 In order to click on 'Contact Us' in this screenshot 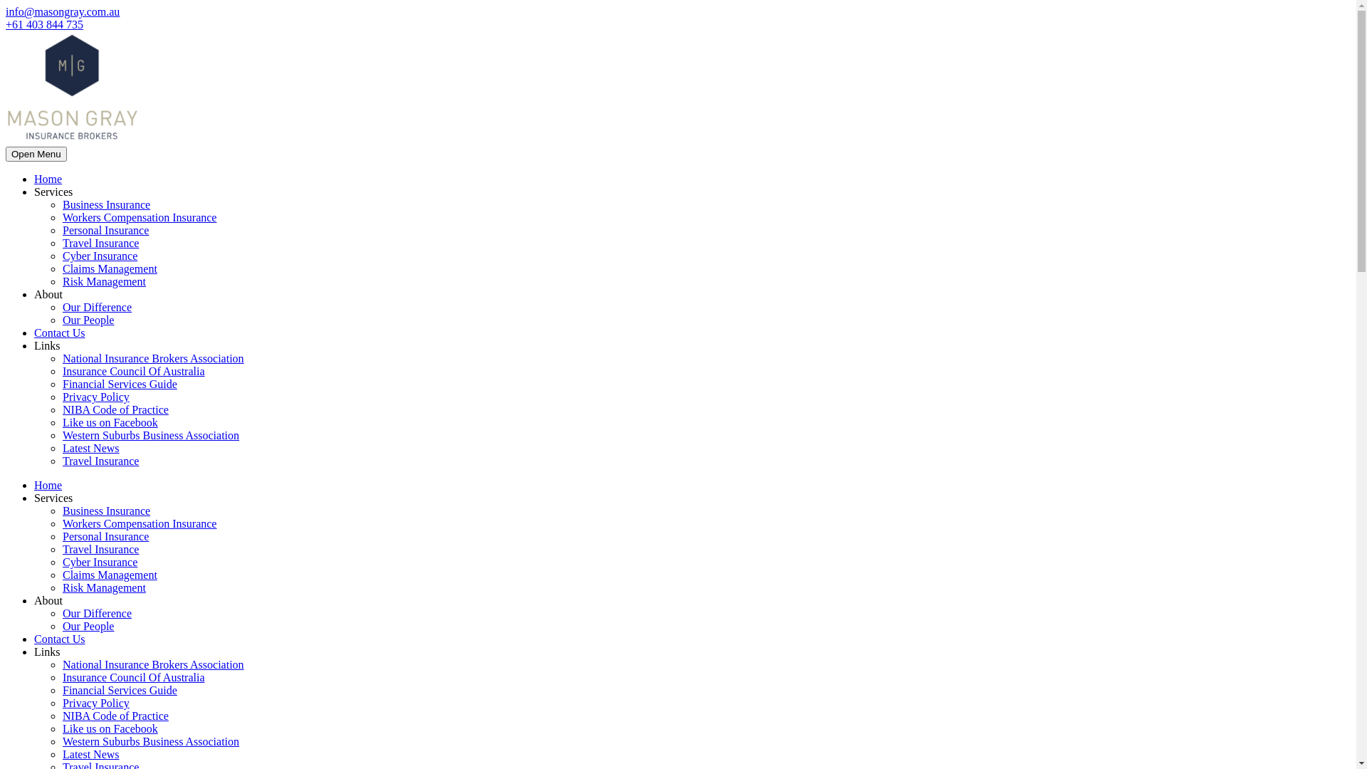, I will do `click(58, 638)`.